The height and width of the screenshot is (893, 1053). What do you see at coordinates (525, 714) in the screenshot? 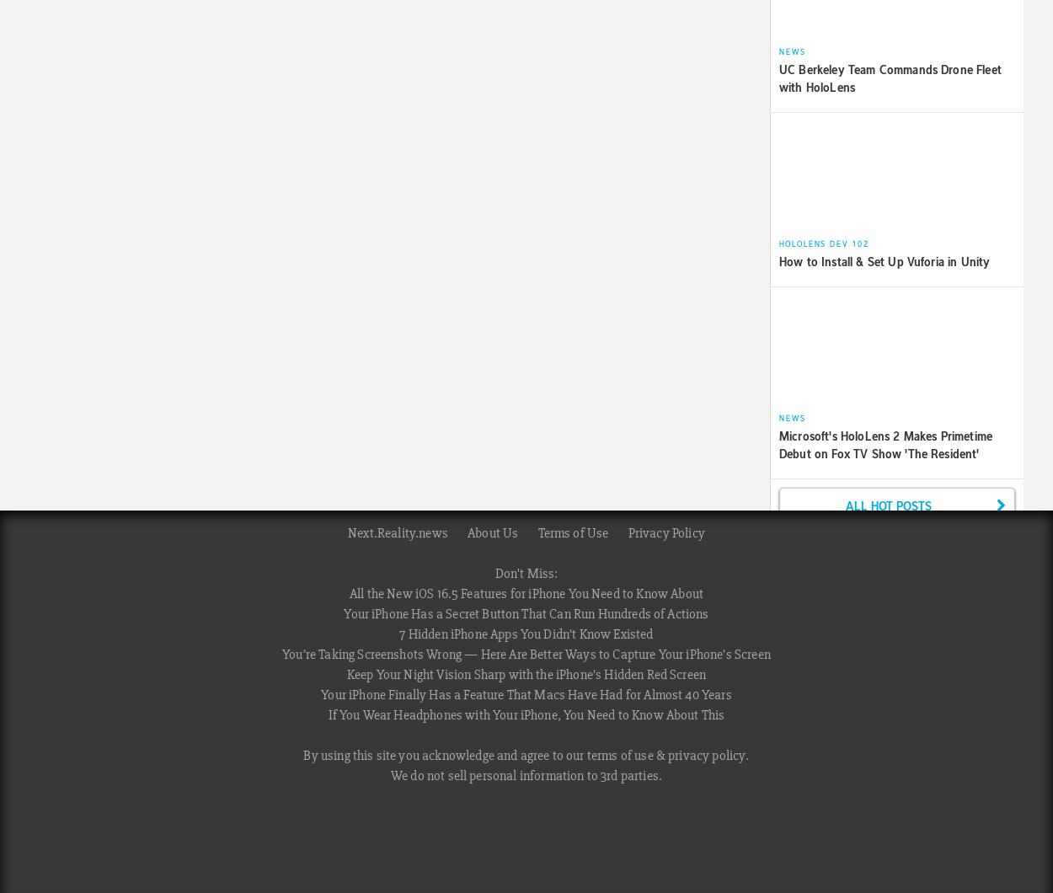
I see `'If You Wear Headphones with Your iPhone, You Need to Know About This'` at bounding box center [525, 714].